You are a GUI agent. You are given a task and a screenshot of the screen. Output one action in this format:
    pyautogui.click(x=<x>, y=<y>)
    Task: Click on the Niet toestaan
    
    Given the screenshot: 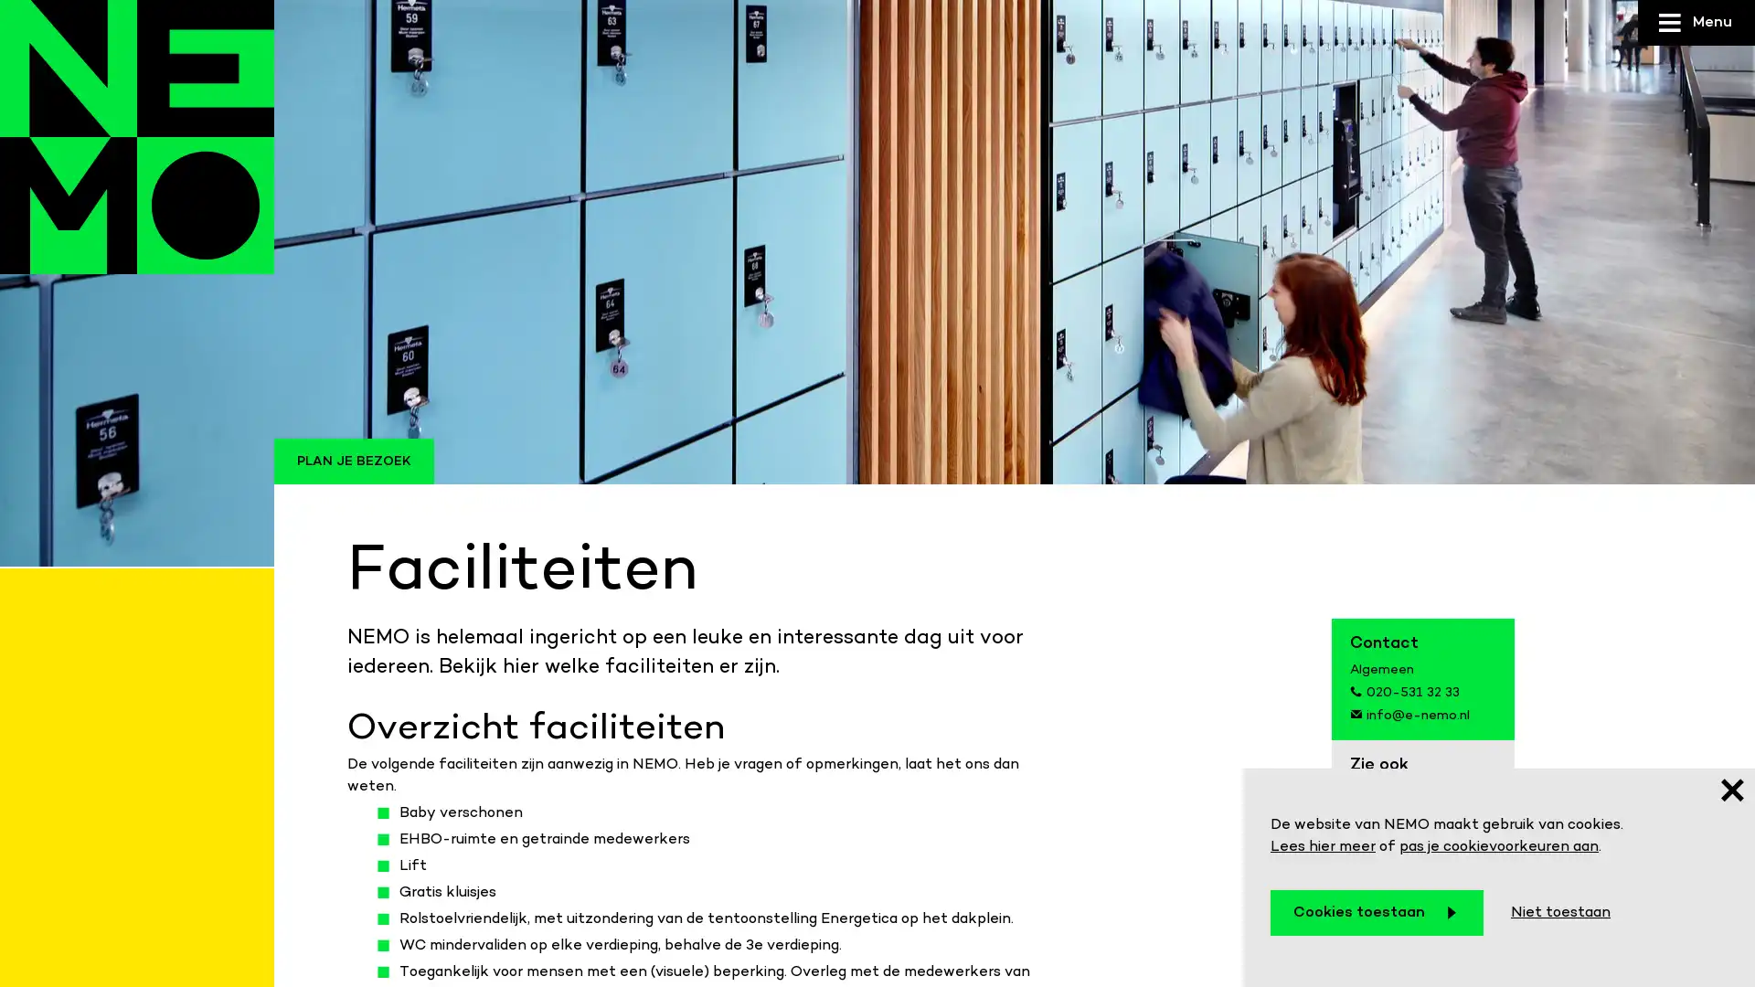 What is the action you would take?
    pyautogui.click(x=1559, y=913)
    